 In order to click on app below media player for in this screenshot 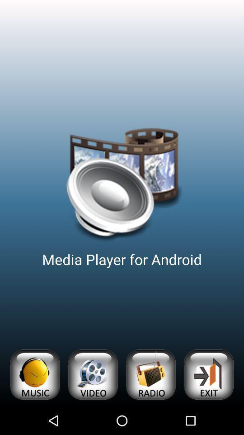, I will do `click(208, 375)`.